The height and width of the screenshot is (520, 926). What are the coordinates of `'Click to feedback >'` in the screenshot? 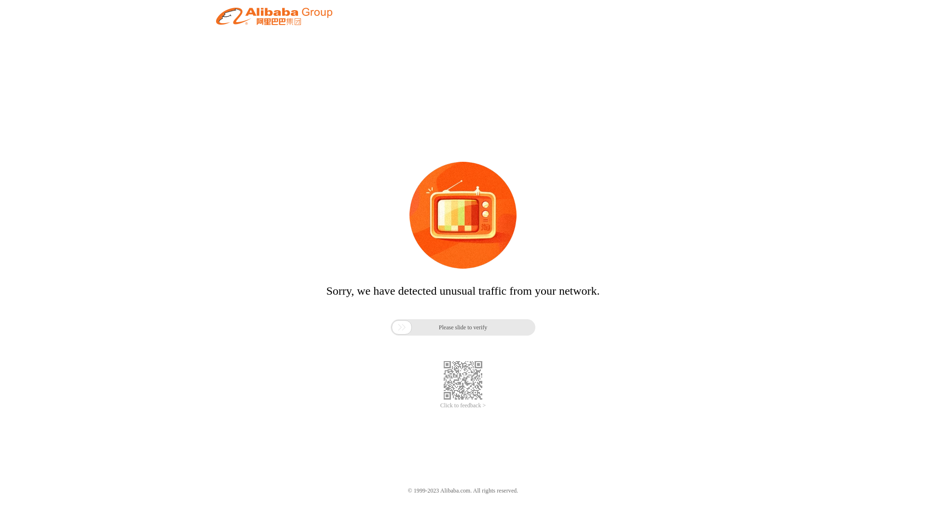 It's located at (463, 405).